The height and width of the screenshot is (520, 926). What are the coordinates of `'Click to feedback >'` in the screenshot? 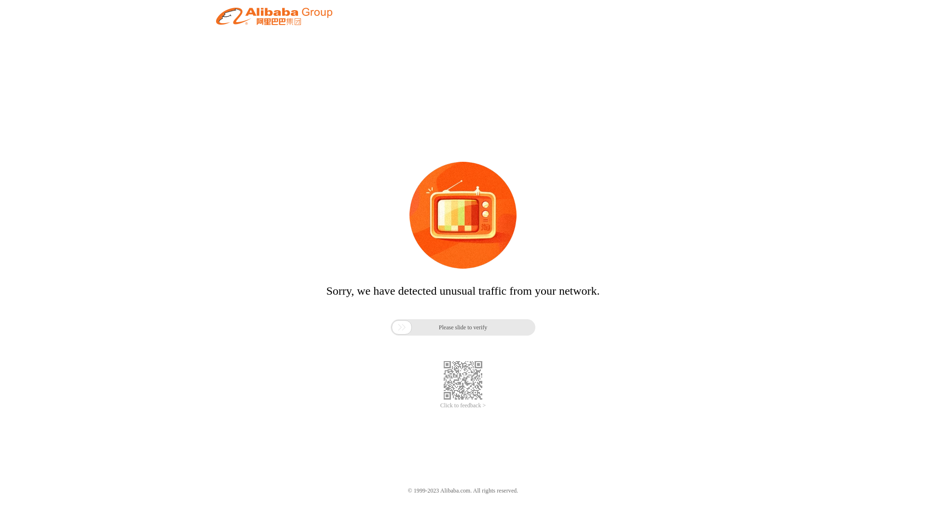 It's located at (463, 405).